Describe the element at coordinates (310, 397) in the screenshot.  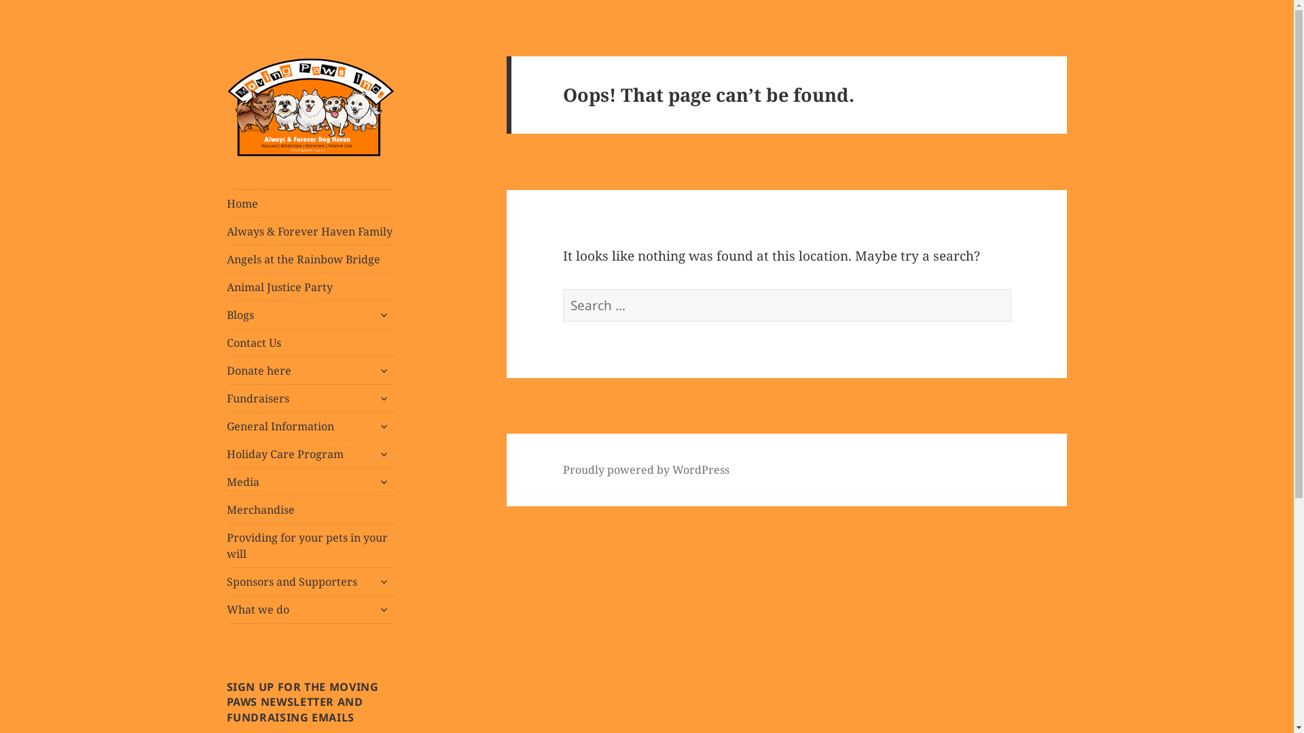
I see `'Fundraisers'` at that location.